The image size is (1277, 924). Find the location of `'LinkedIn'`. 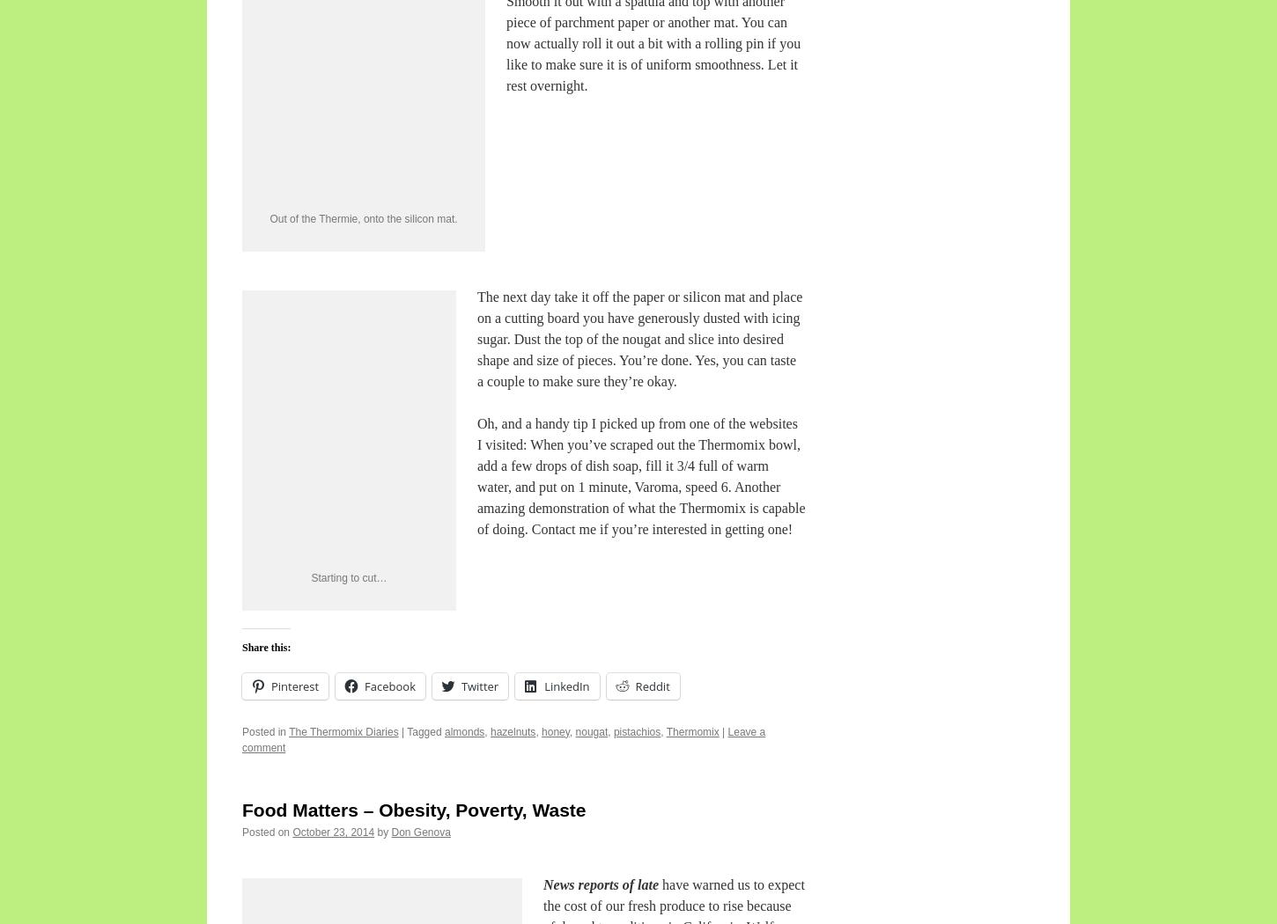

'LinkedIn' is located at coordinates (565, 685).